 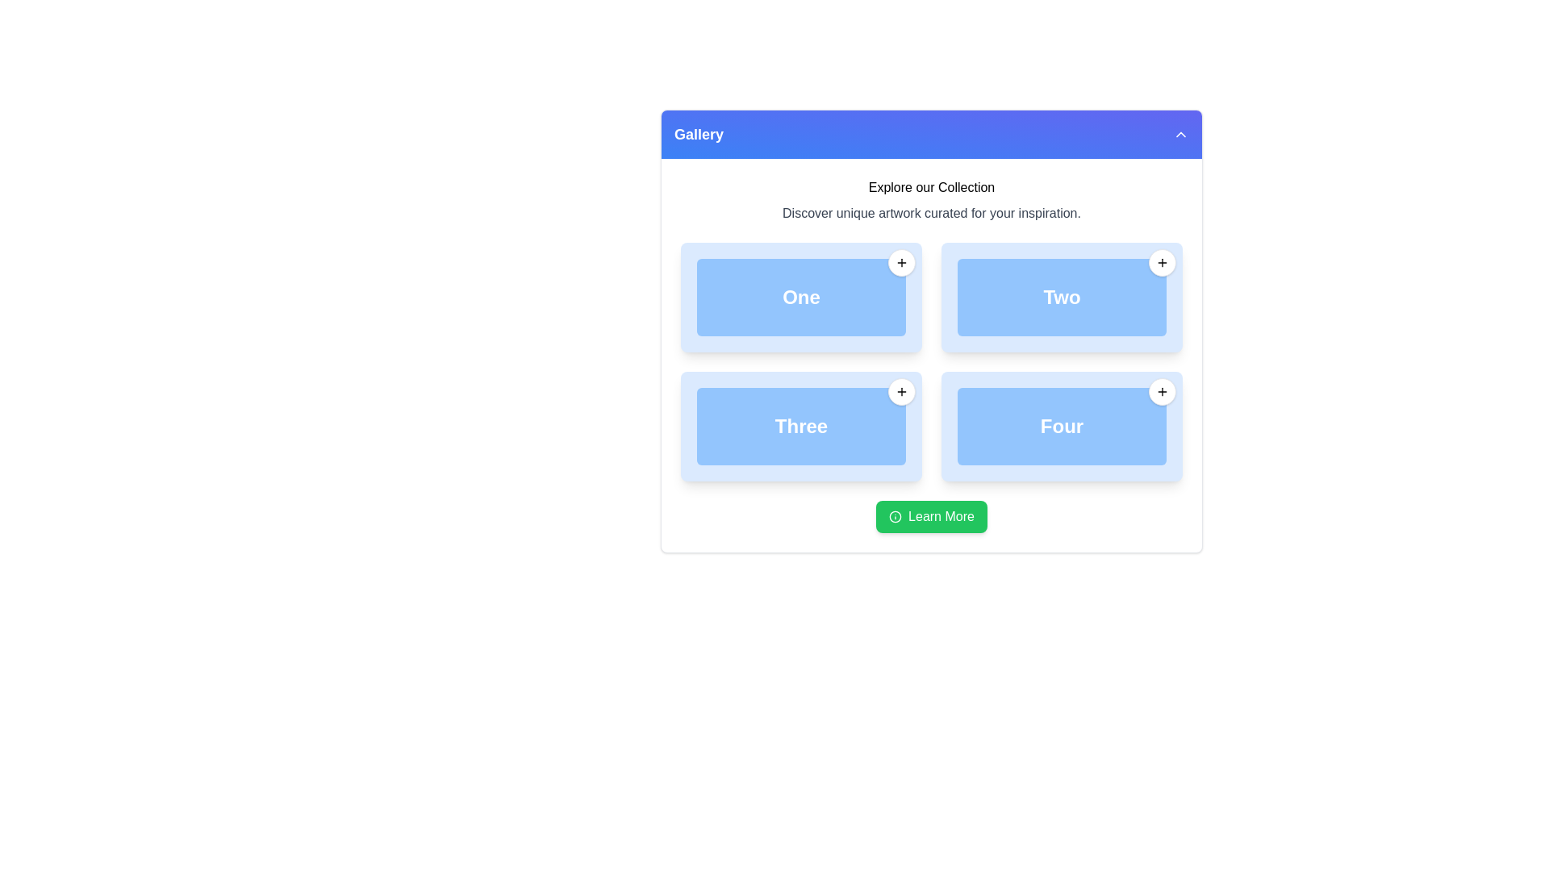 I want to click on the text label that reads 'Four', which is styled in bold white text on a light blue background within the lower-right rectangle of a grid, so click(x=1062, y=425).